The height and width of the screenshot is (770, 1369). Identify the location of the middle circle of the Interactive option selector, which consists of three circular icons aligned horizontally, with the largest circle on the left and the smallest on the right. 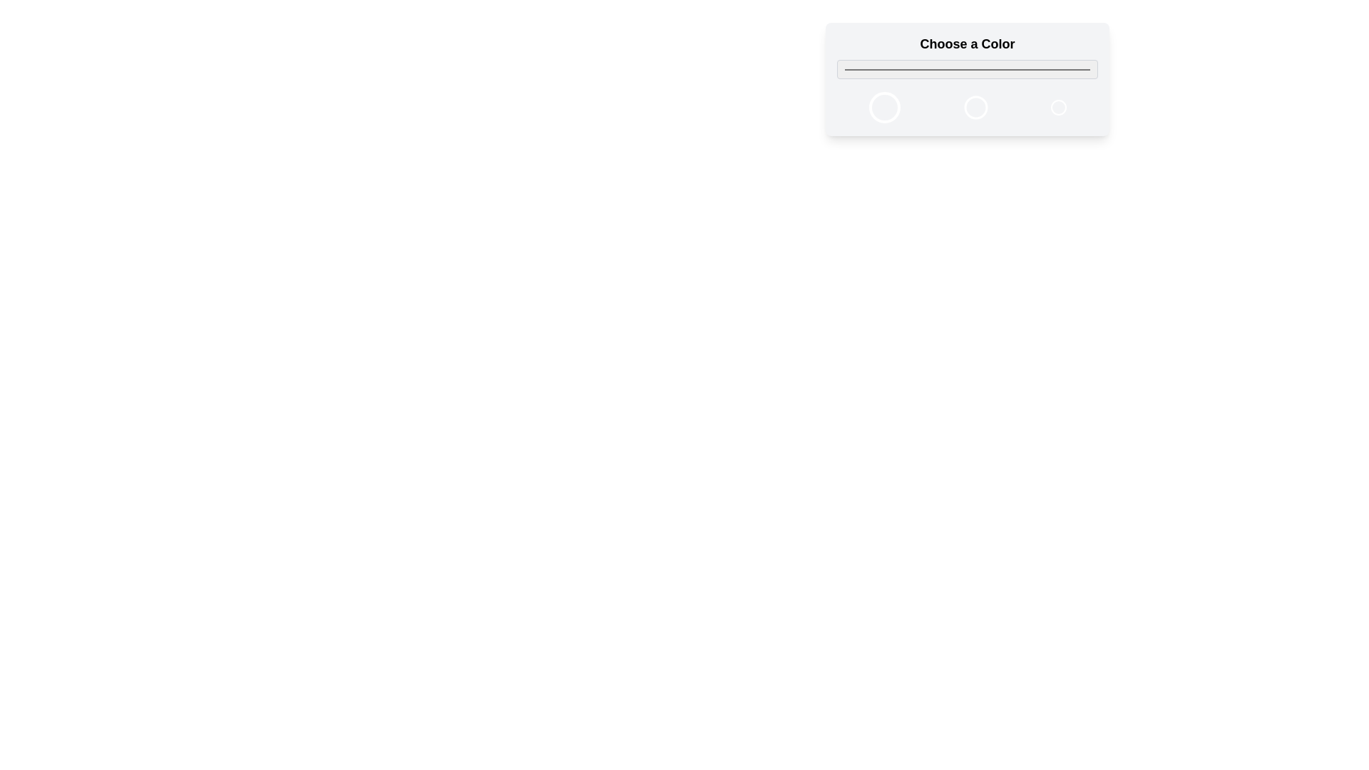
(968, 106).